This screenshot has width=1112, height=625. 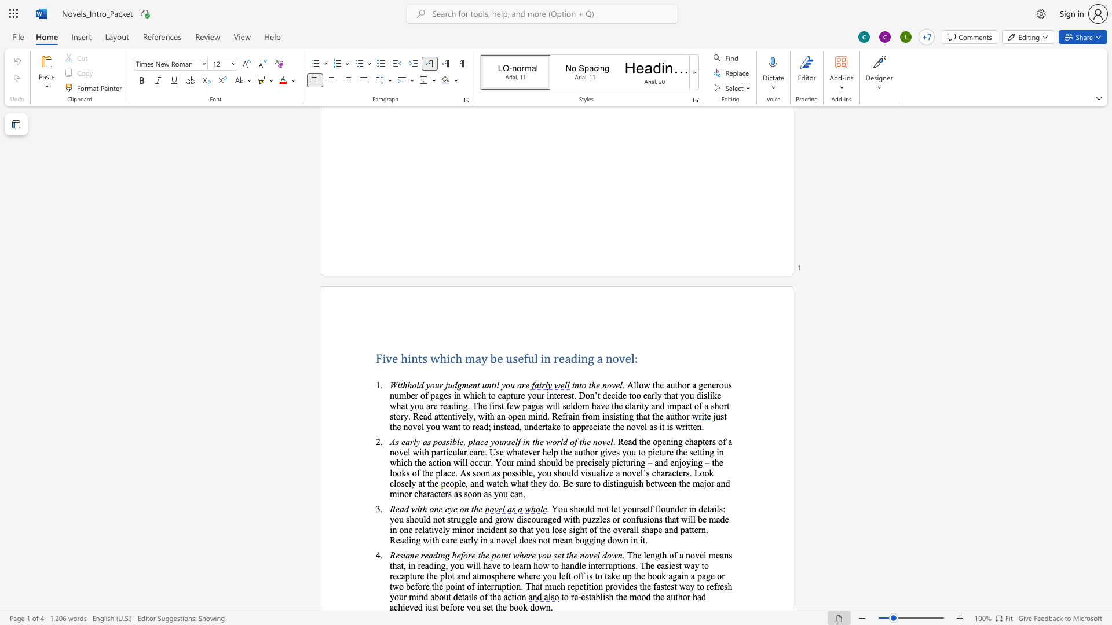 What do you see at coordinates (579, 385) in the screenshot?
I see `the space between the continuous character "n" and "t" in the text` at bounding box center [579, 385].